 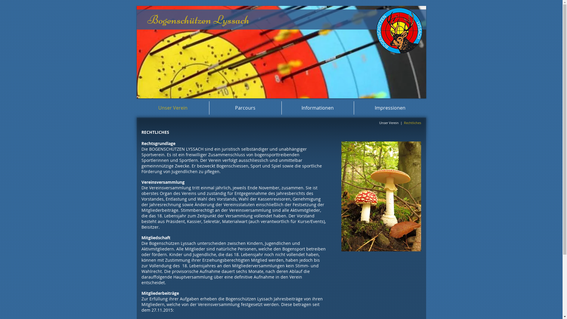 What do you see at coordinates (245, 108) in the screenshot?
I see `'Parcours'` at bounding box center [245, 108].